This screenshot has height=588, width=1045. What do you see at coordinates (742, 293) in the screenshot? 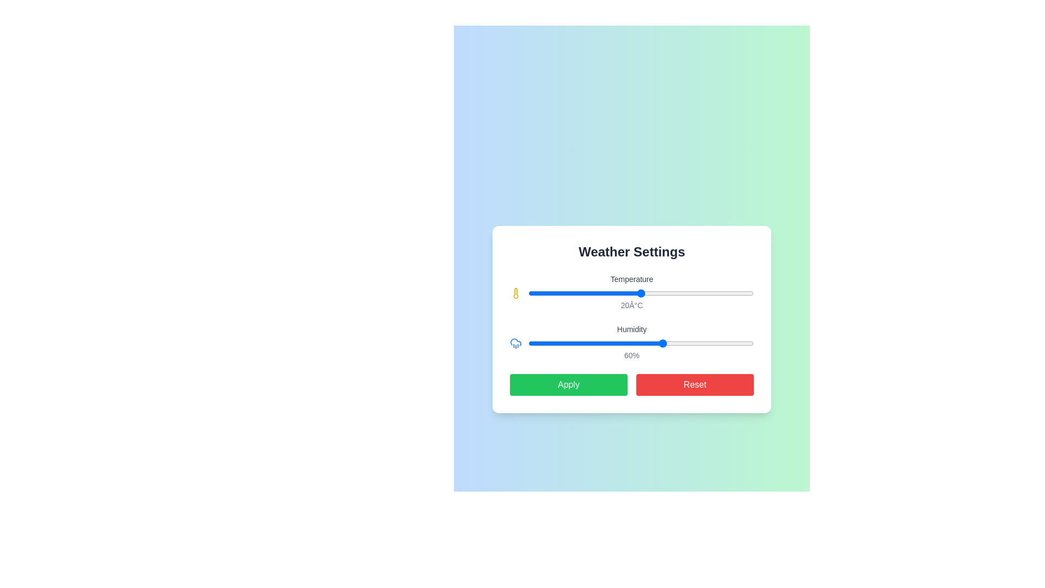
I see `the temperature slider` at bounding box center [742, 293].